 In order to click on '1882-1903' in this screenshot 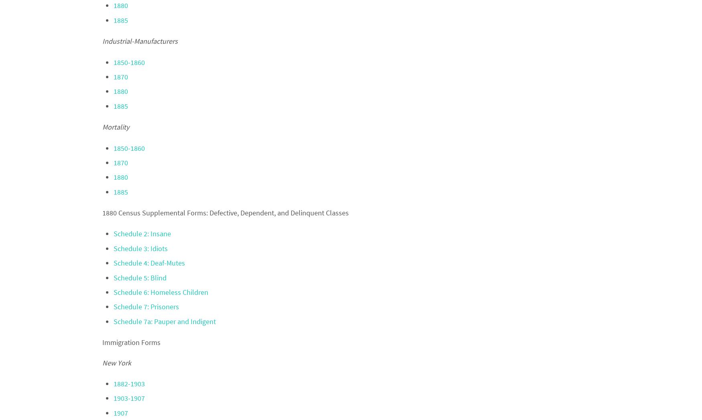, I will do `click(128, 383)`.